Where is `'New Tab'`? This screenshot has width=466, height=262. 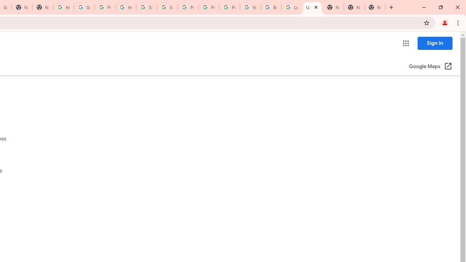
'New Tab' is located at coordinates (391, 7).